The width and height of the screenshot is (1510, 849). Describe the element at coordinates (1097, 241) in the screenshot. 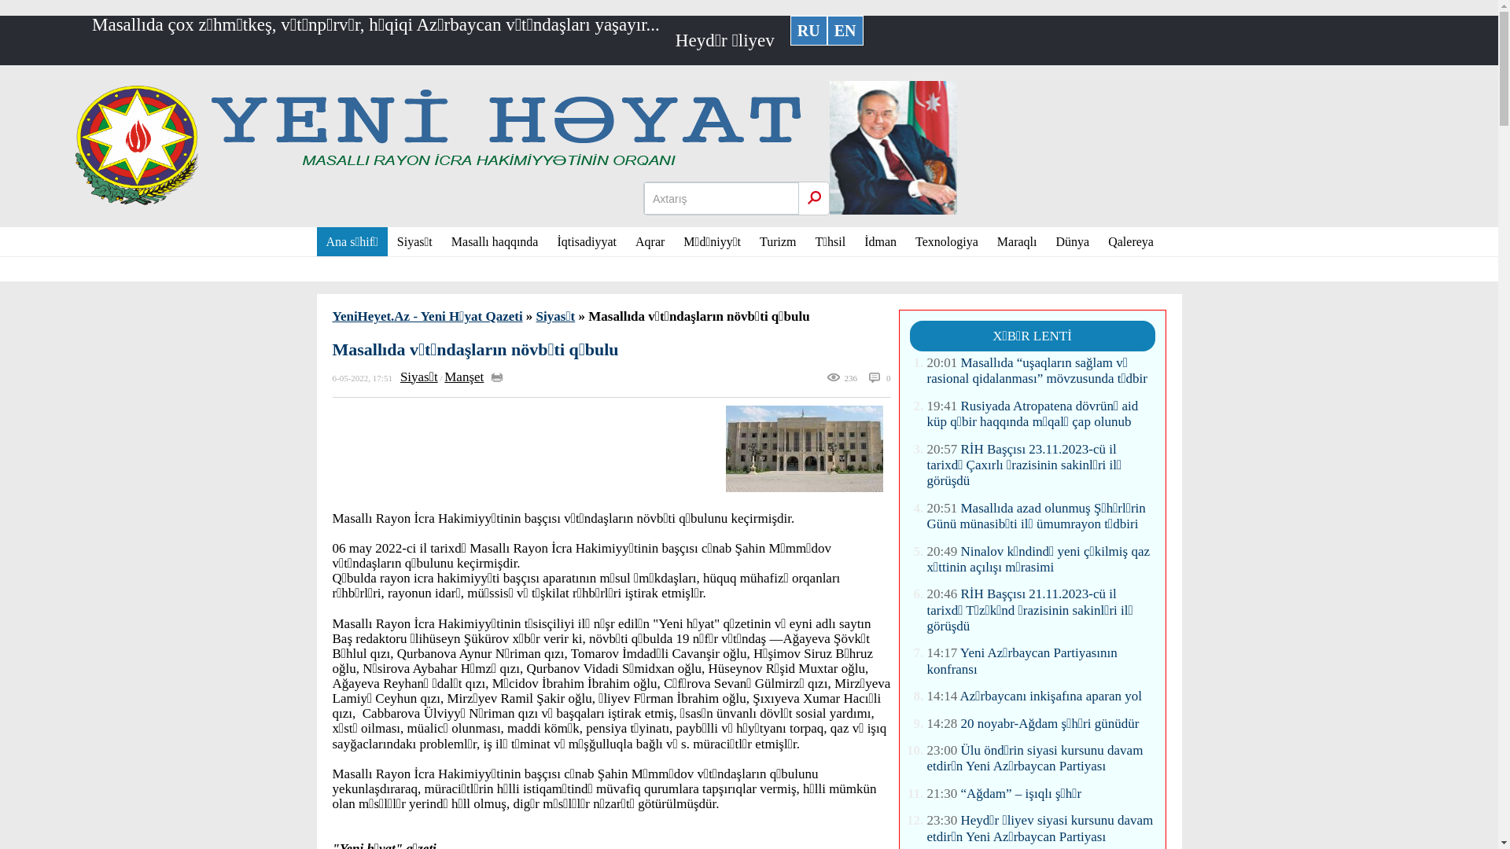

I see `'Qalereya'` at that location.